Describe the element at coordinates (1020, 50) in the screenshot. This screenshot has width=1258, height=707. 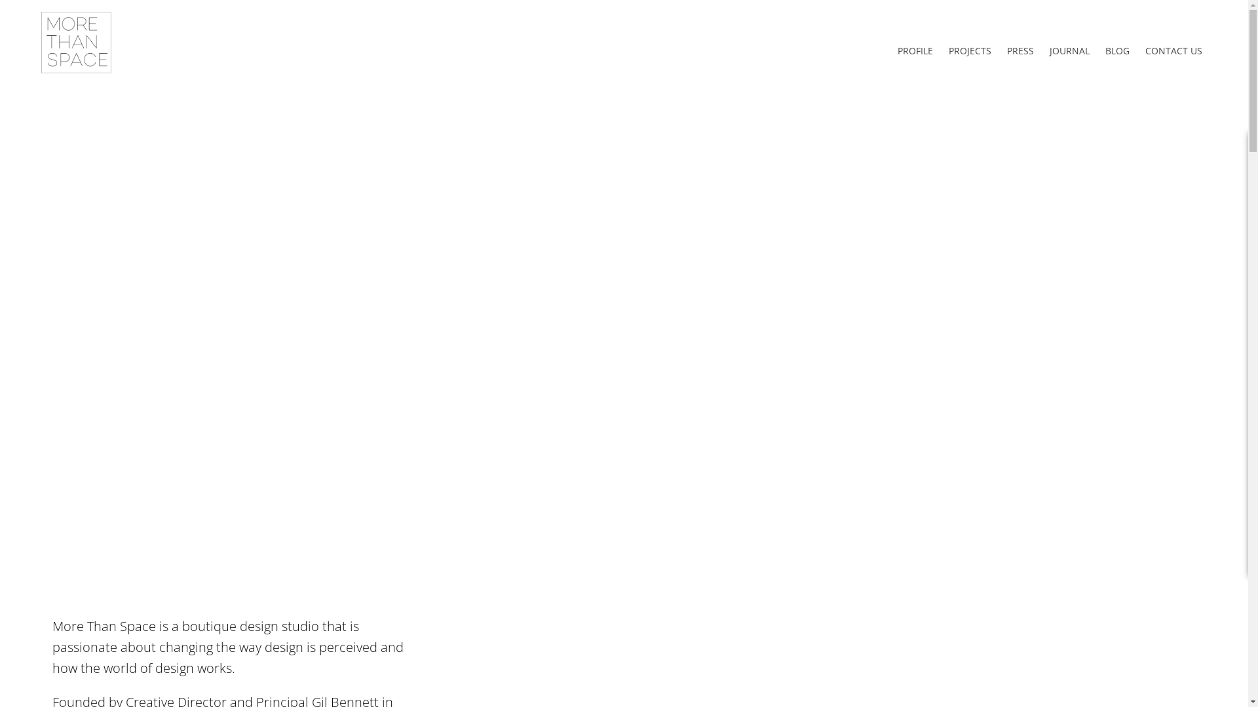
I see `'PRESS'` at that location.